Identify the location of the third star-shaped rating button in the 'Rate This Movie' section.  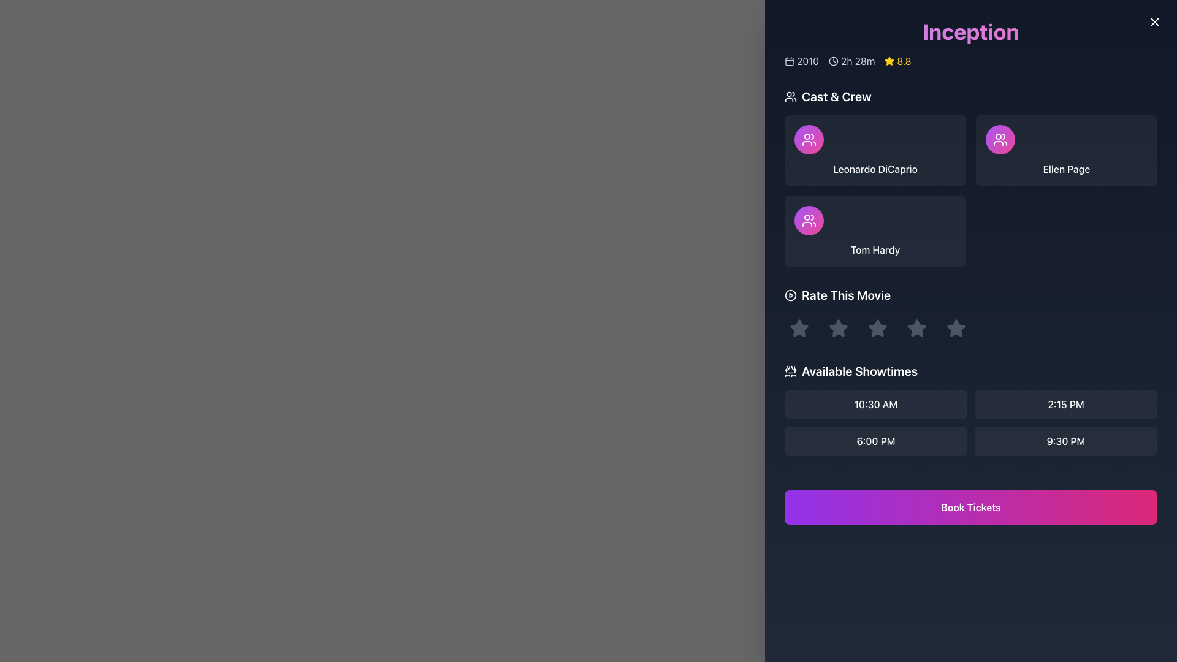
(877, 328).